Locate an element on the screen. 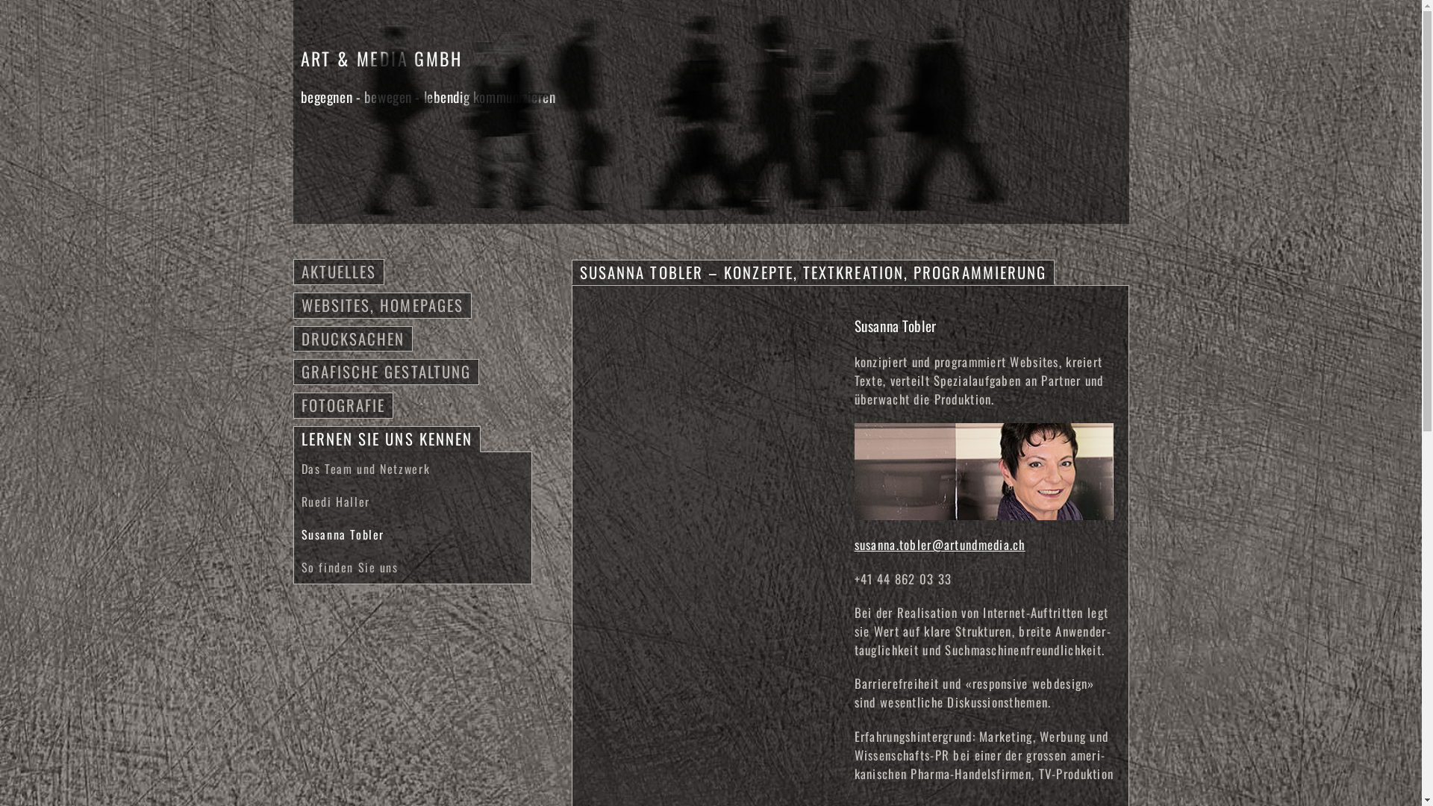 The height and width of the screenshot is (806, 1433). 'FOTOGRAFIE' is located at coordinates (343, 404).